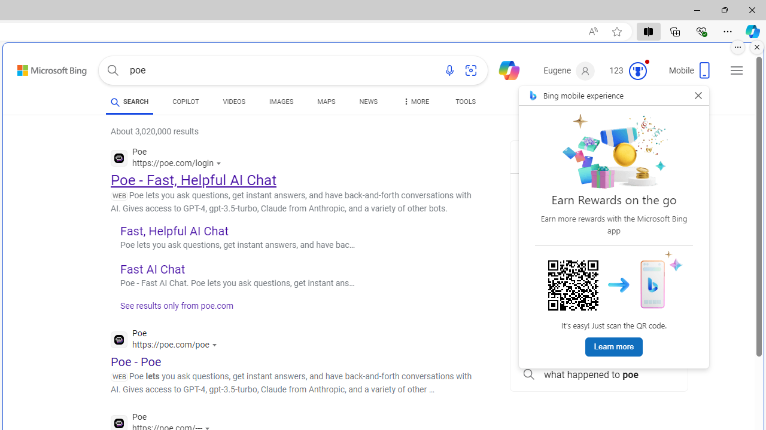 This screenshot has width=766, height=430. I want to click on 'Scan me!', so click(573, 285).